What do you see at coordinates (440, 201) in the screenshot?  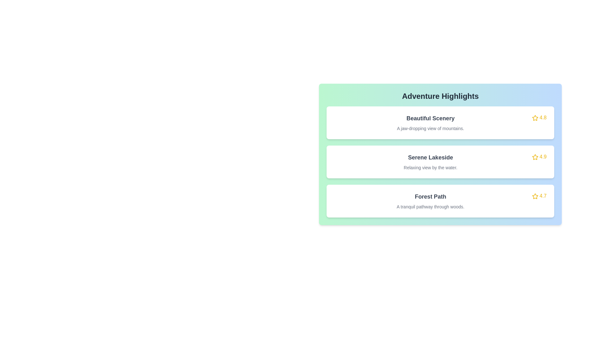 I see `the list item Forest Path to observe its hover effect` at bounding box center [440, 201].